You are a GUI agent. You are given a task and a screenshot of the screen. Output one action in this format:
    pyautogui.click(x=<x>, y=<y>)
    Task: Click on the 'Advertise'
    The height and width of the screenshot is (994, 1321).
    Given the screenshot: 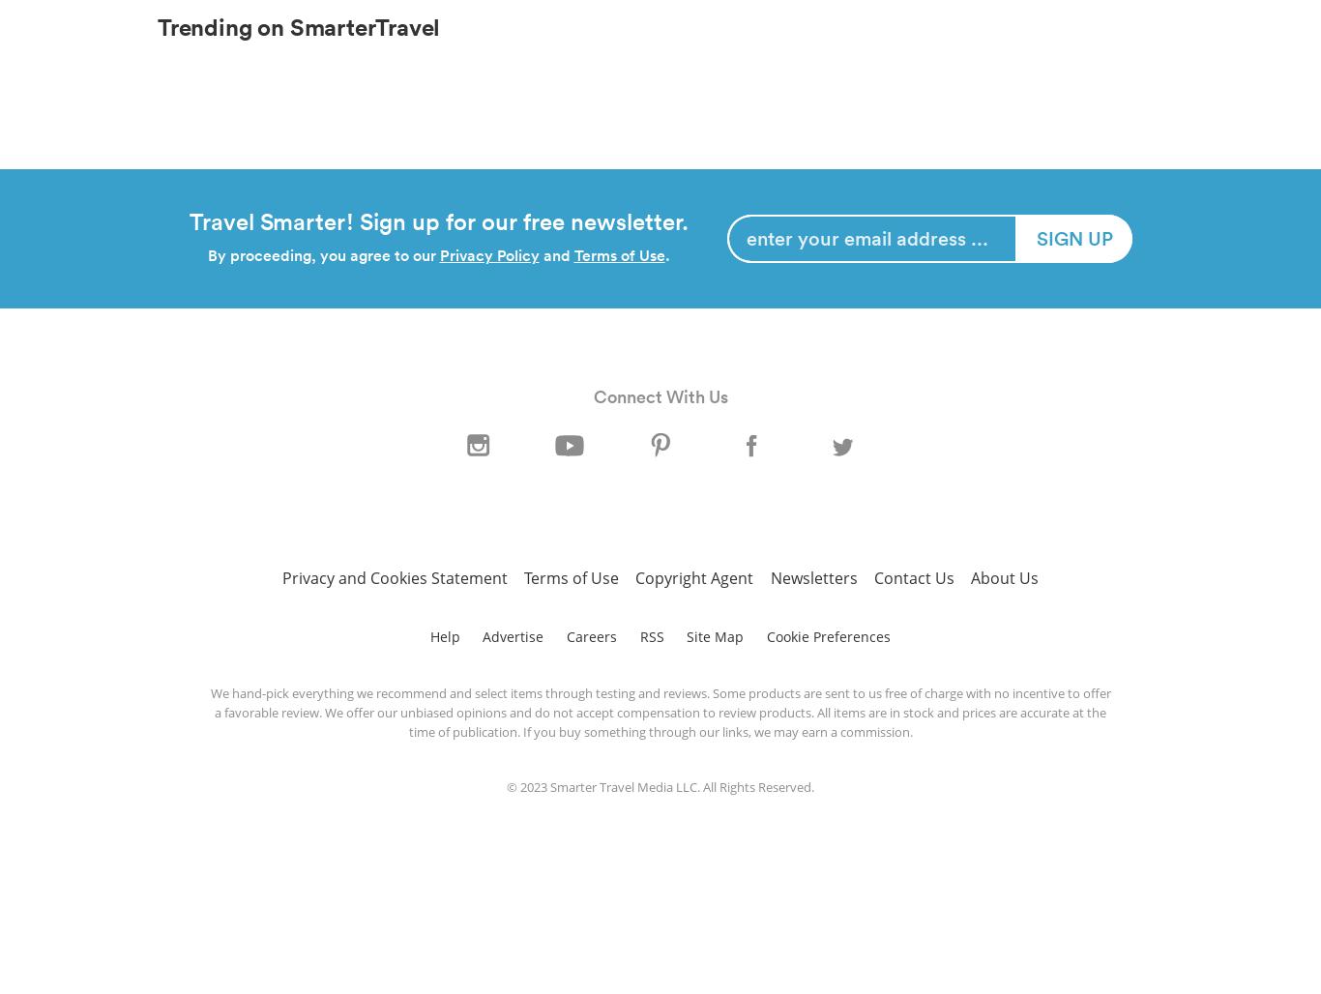 What is the action you would take?
    pyautogui.click(x=482, y=635)
    